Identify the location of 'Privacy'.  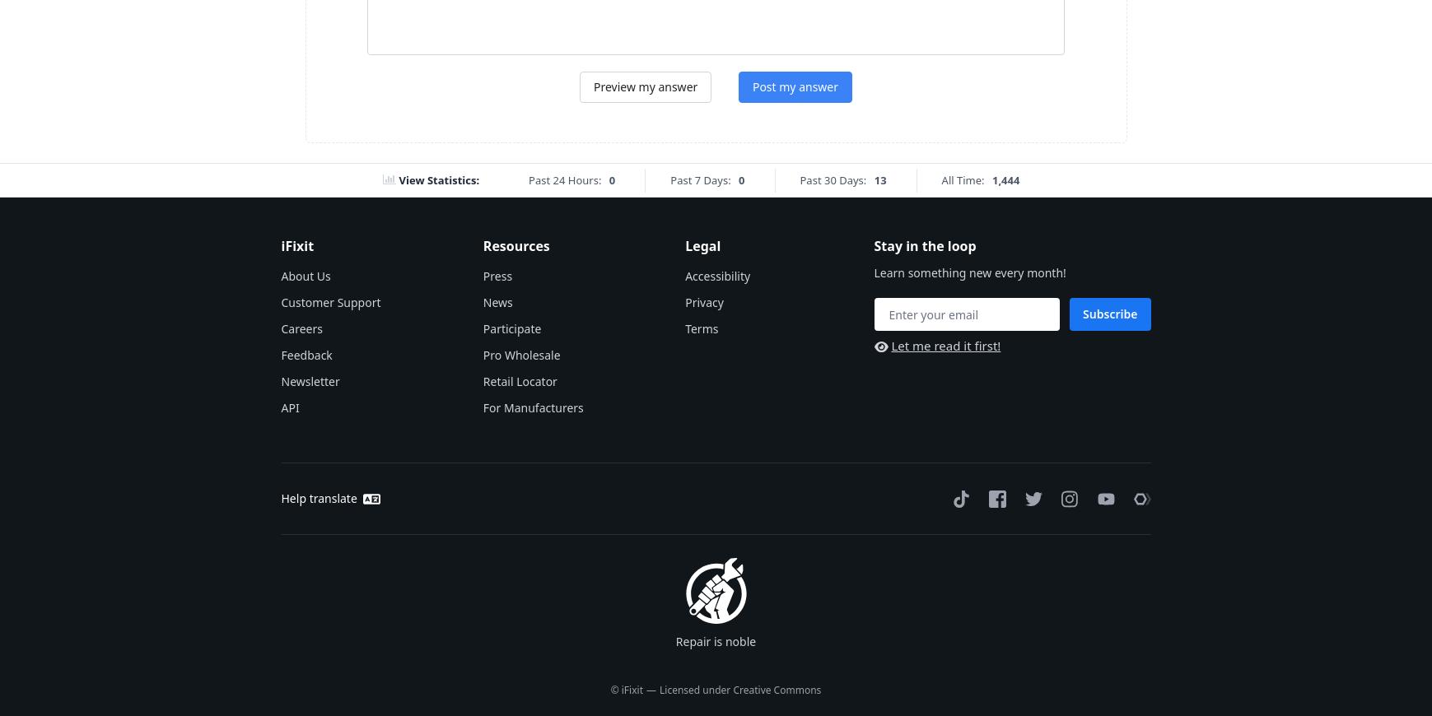
(703, 302).